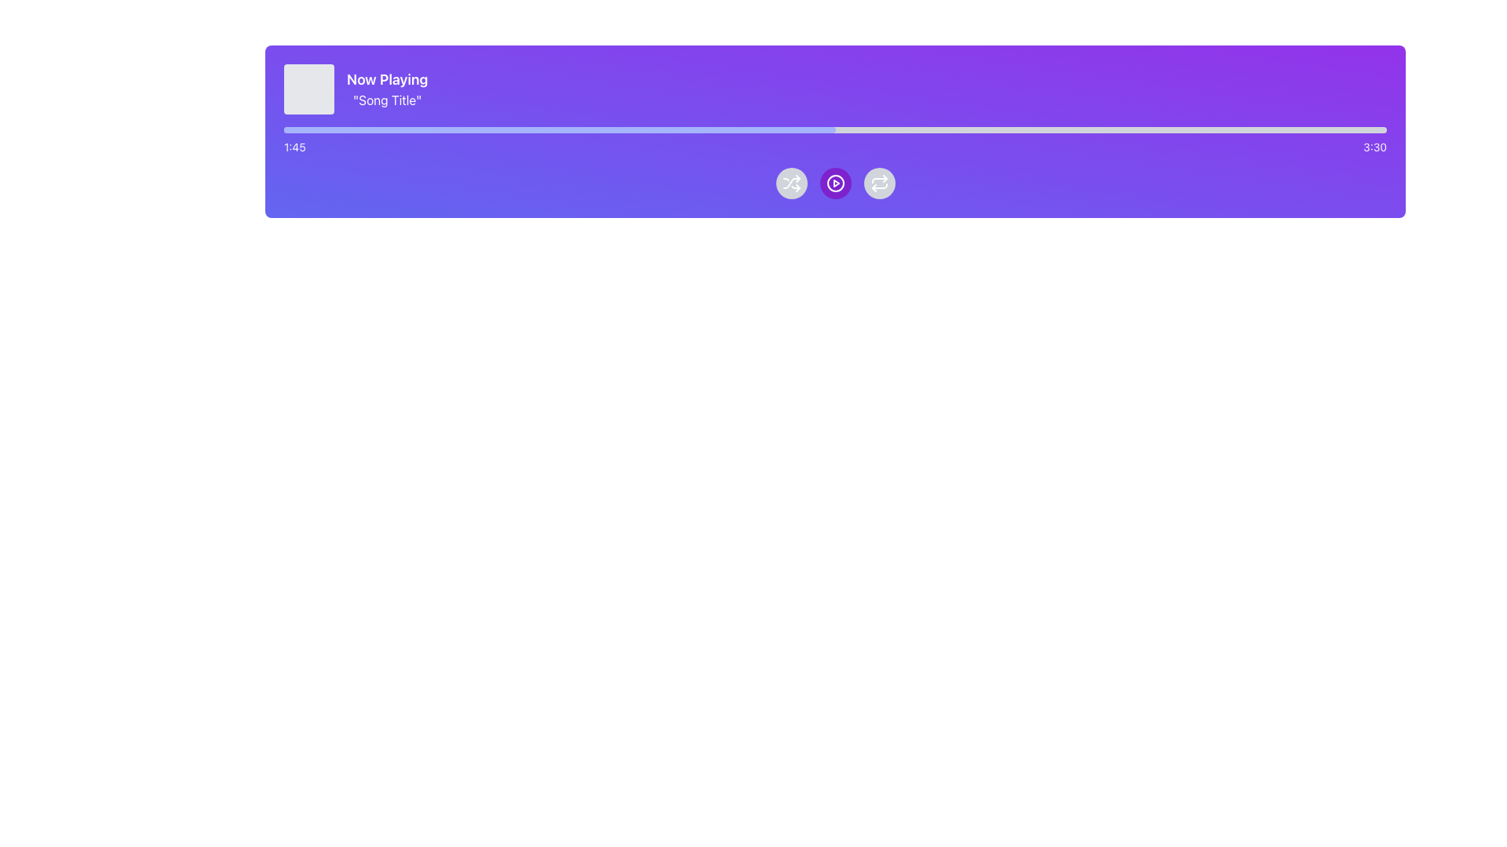  What do you see at coordinates (387, 79) in the screenshot?
I see `properties of the Text Label displaying 'Now Playing', which is bold, larger, and aligned to the left against a purple background` at bounding box center [387, 79].